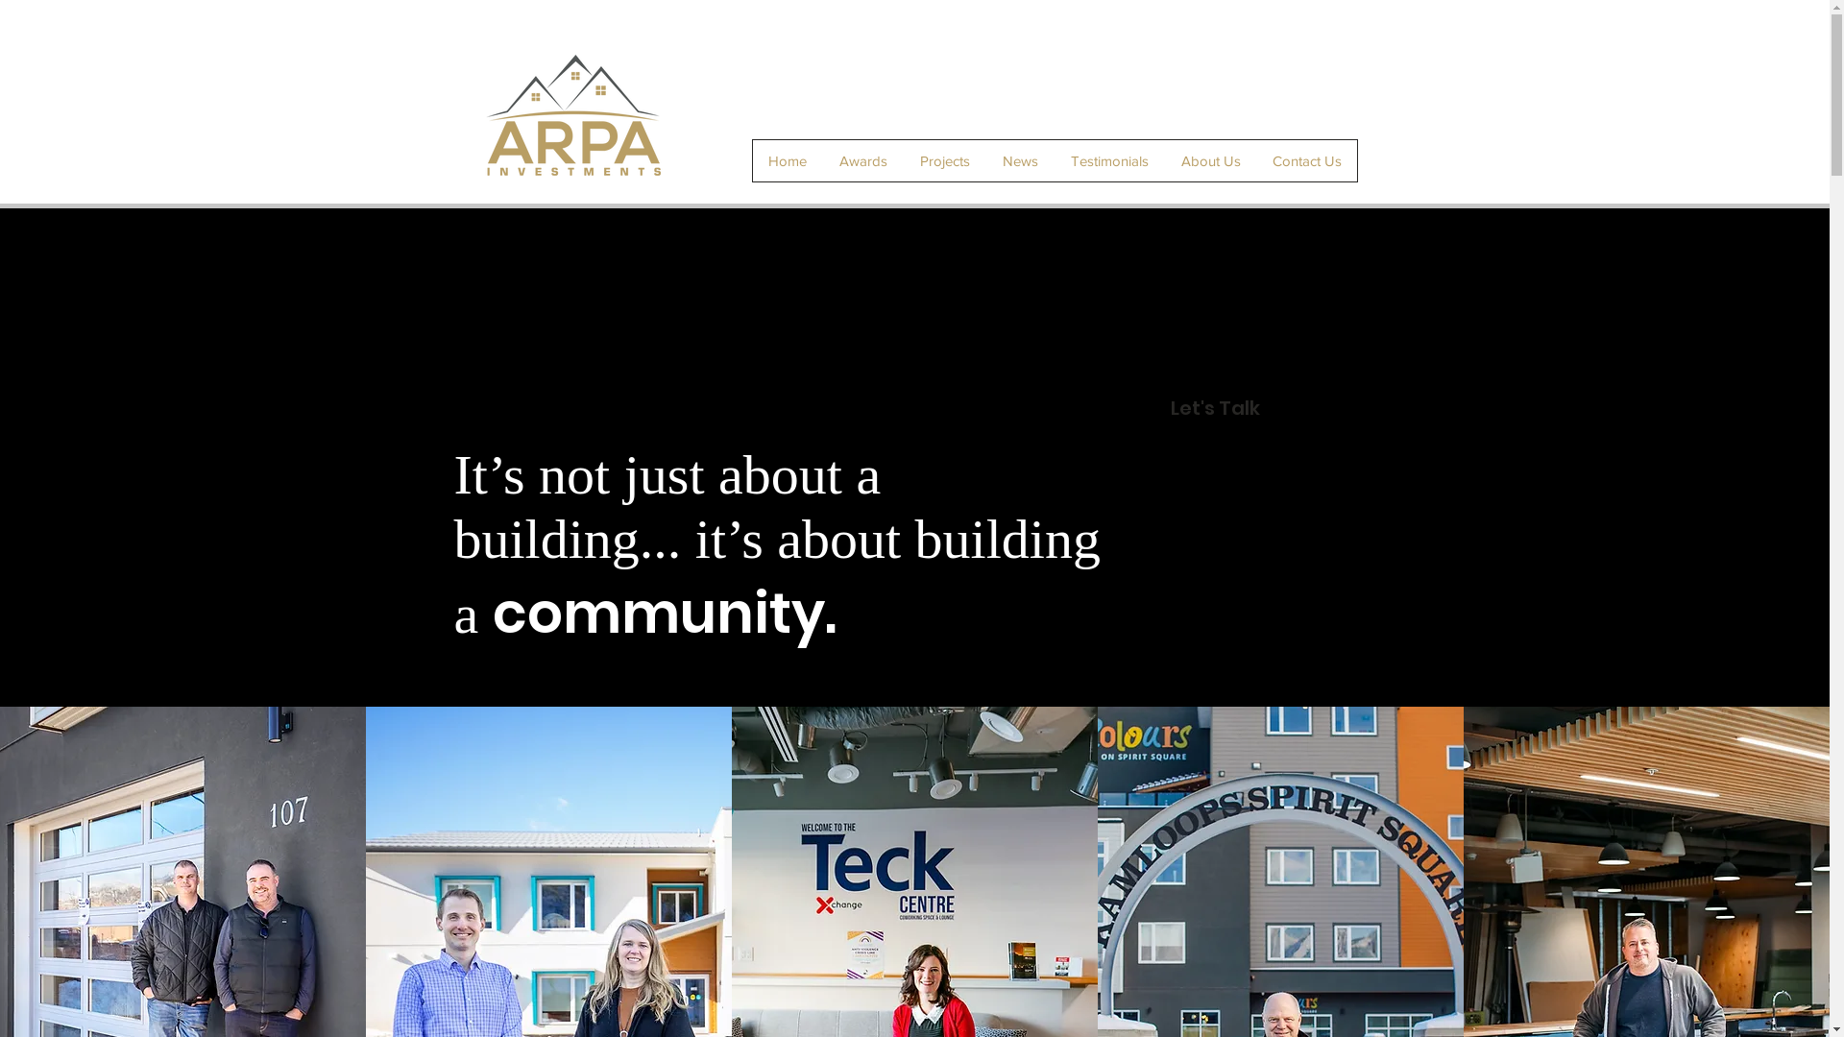 Image resolution: width=1844 pixels, height=1037 pixels. I want to click on 'Testimonials', so click(1054, 159).